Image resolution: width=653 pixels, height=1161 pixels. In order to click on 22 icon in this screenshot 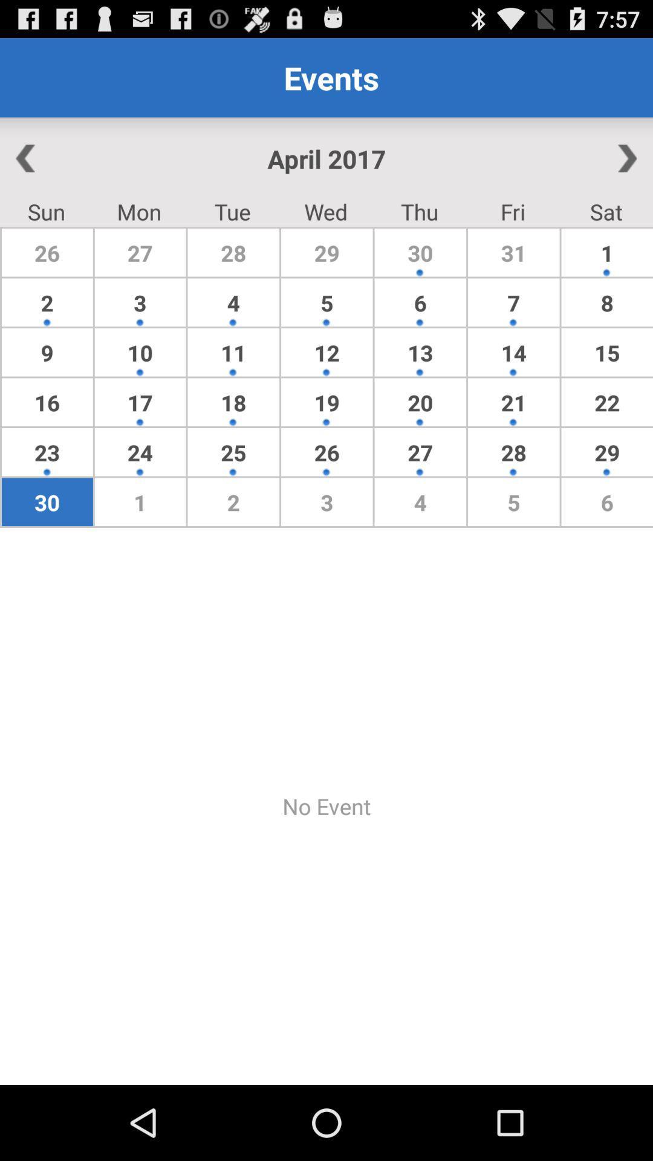, I will do `click(607, 402)`.